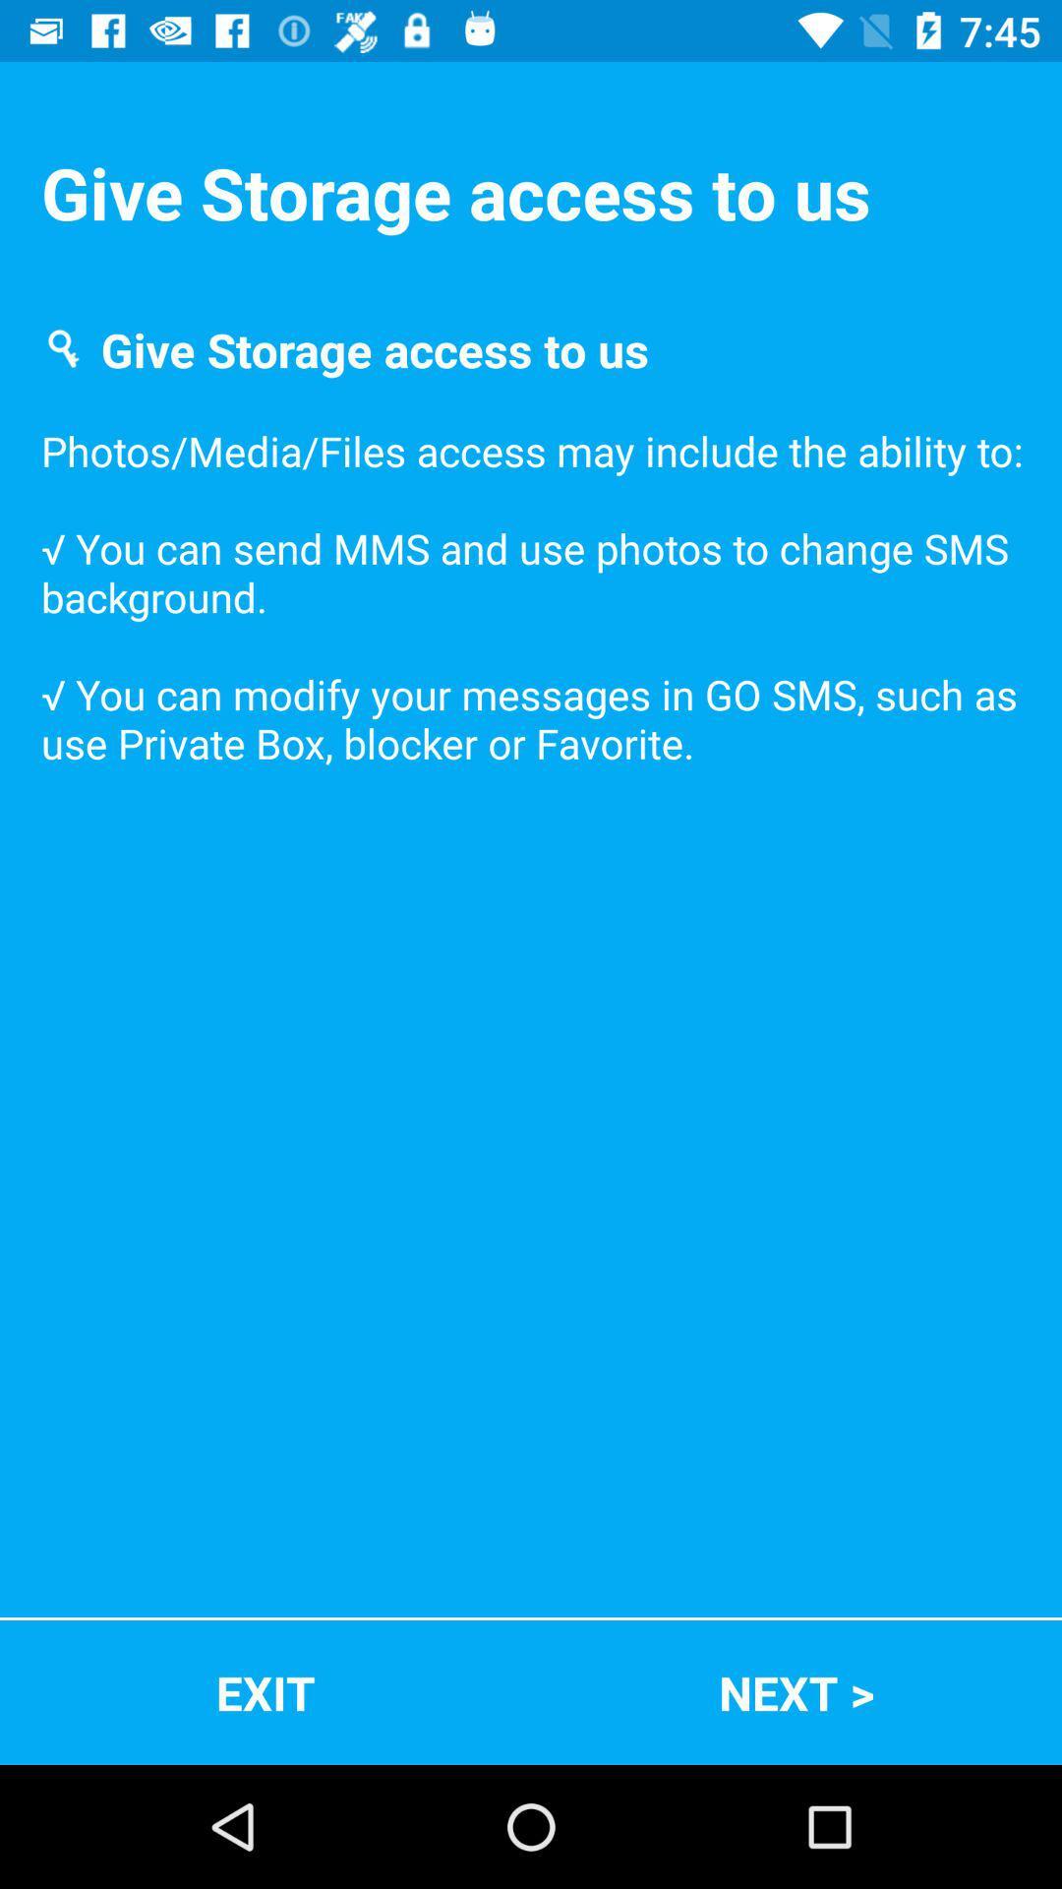 This screenshot has height=1889, width=1062. Describe the element at coordinates (265, 1691) in the screenshot. I see `icon to the left of the next >` at that location.